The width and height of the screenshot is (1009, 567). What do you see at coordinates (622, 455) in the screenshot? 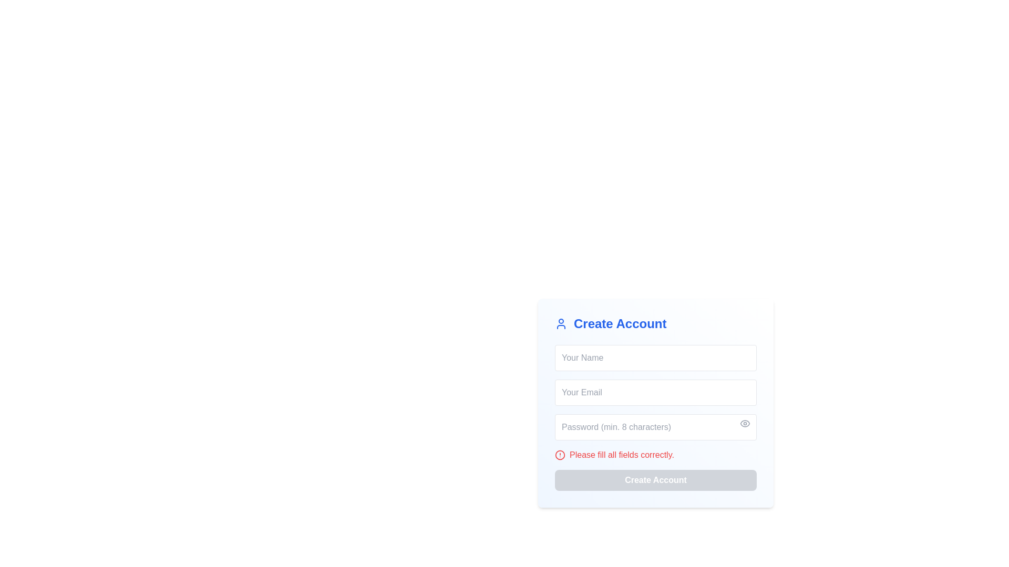
I see `message from the static red text label that says 'Please fill all fields correctly.' positioned below the password input field in the registration form` at bounding box center [622, 455].